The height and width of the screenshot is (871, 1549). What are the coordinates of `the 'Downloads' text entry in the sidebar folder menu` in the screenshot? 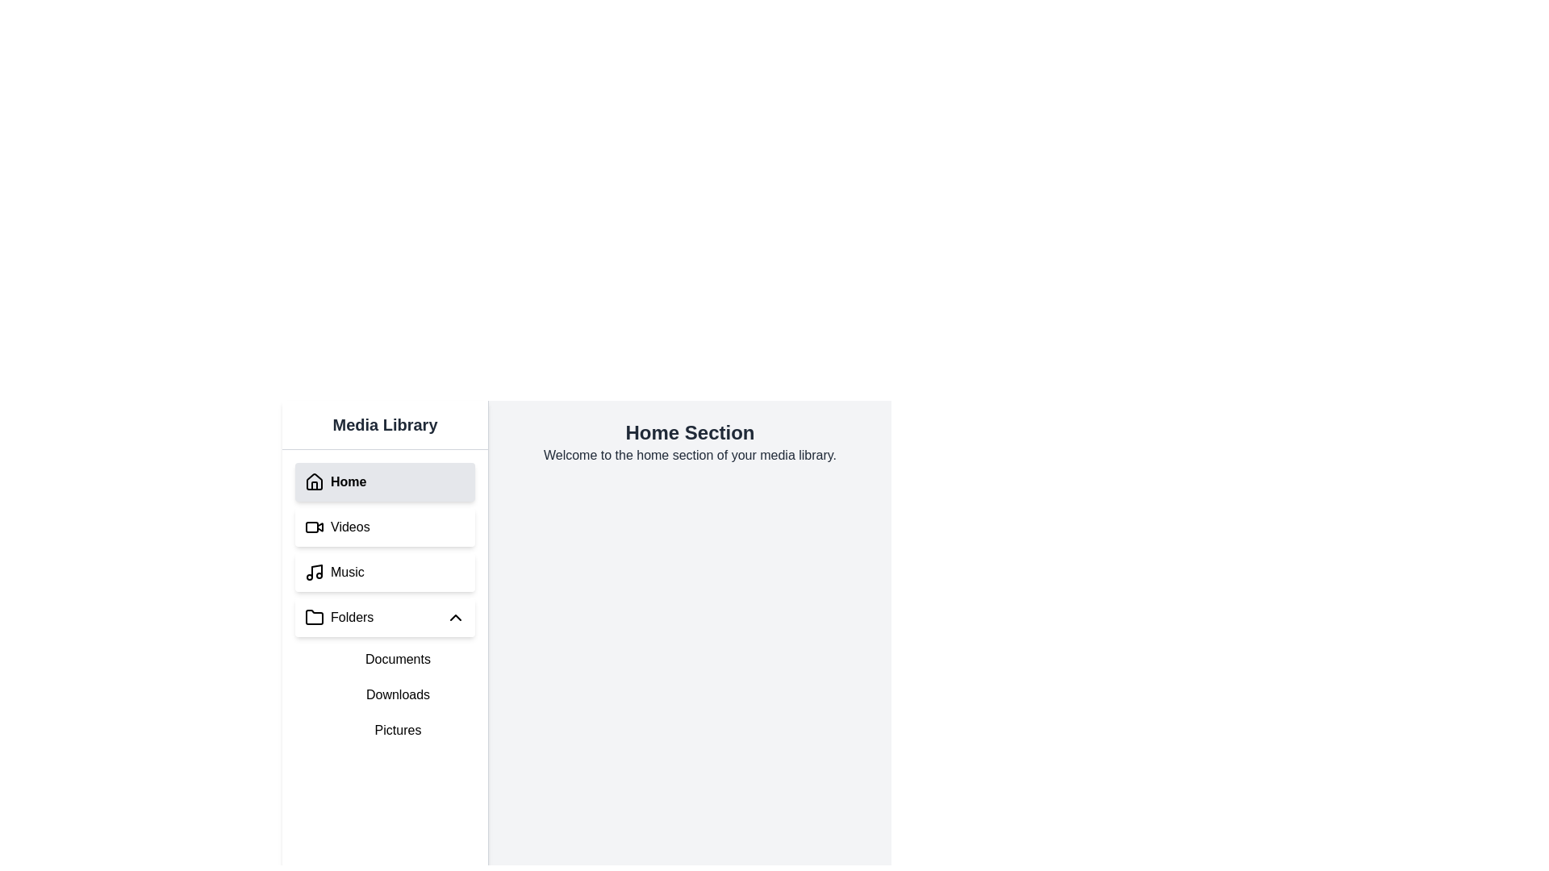 It's located at (384, 694).